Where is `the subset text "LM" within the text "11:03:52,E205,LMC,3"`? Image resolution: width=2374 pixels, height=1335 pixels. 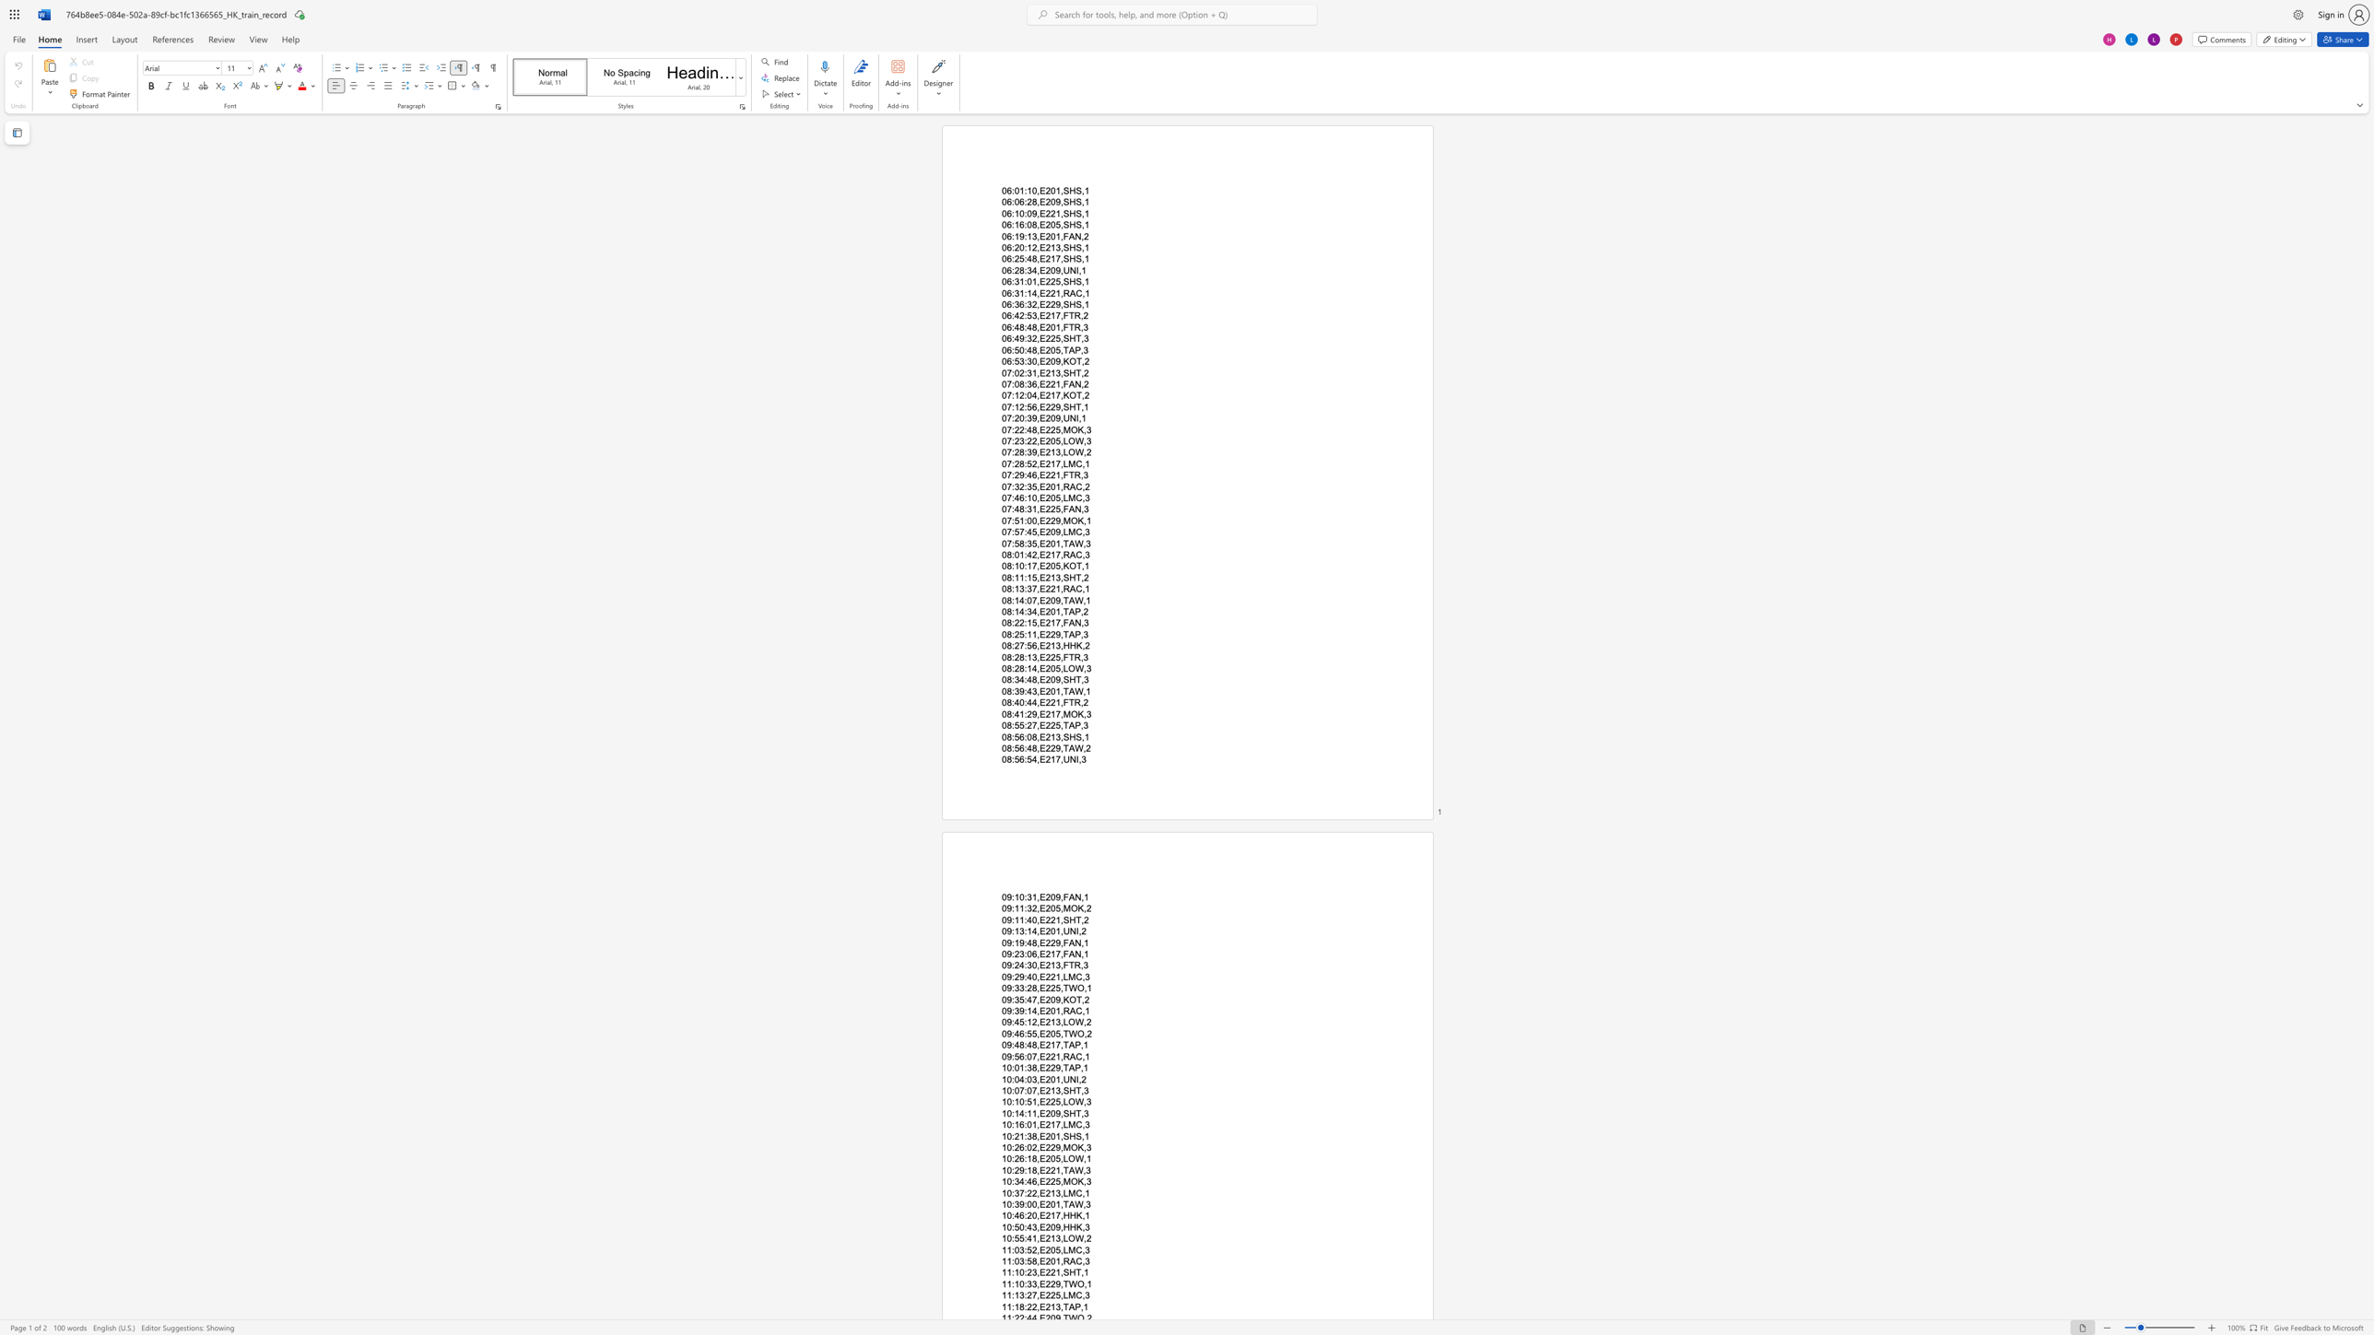
the subset text "LM" within the text "11:03:52,E205,LMC,3" is located at coordinates (1062, 1249).